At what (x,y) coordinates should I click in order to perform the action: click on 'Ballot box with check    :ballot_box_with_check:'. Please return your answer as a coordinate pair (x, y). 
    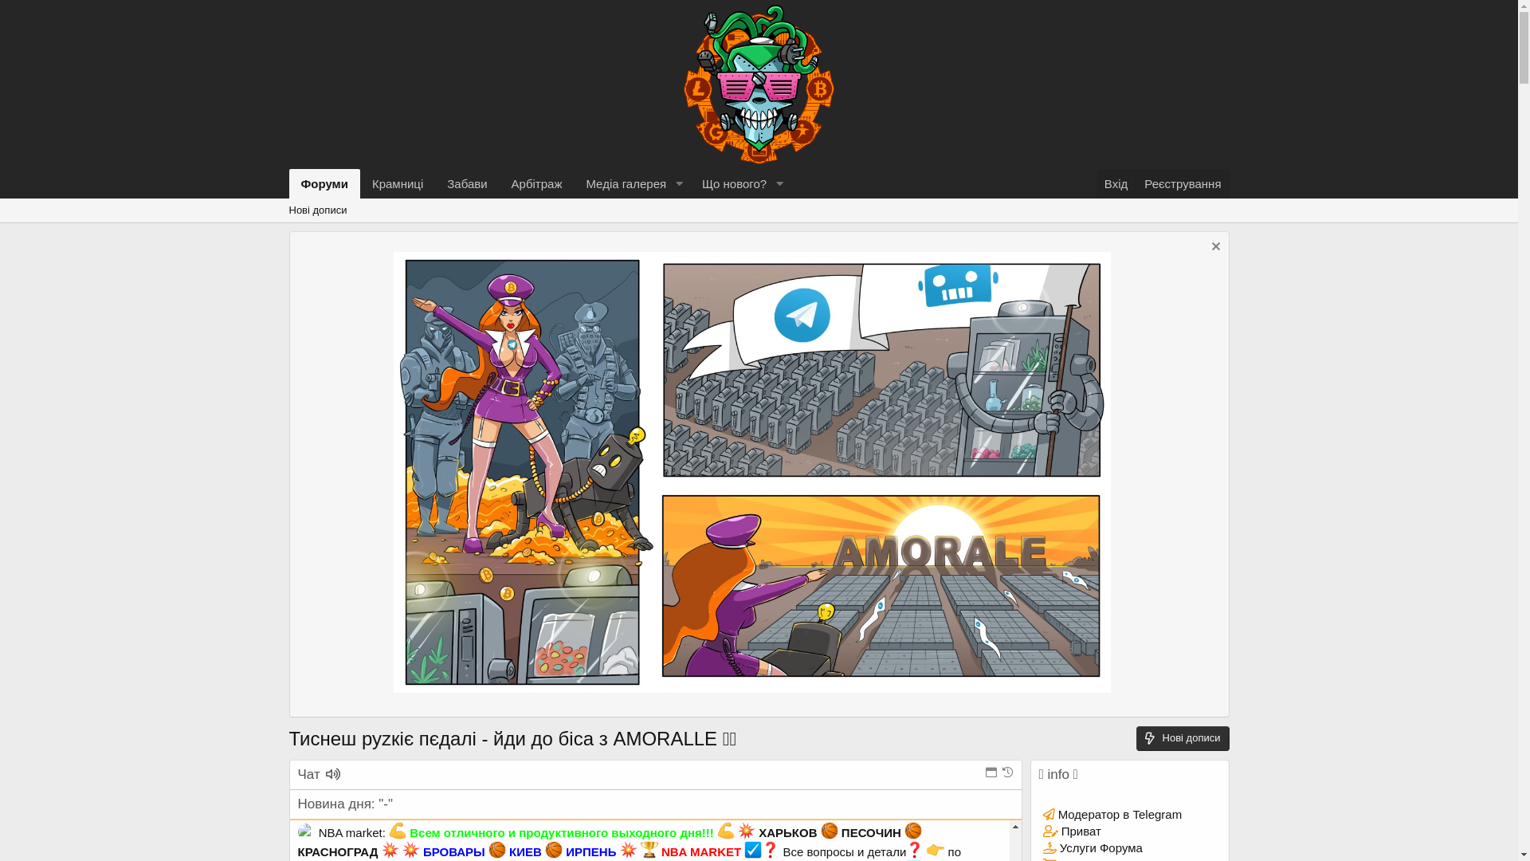
    Looking at the image, I should click on (752, 848).